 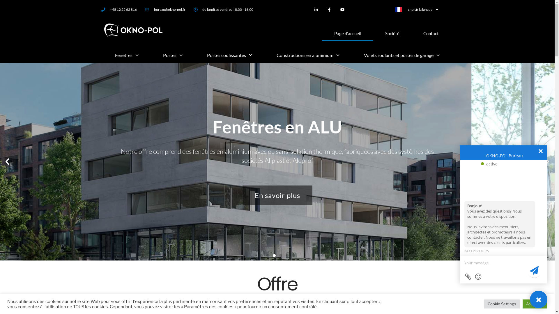 I want to click on 'Cookie Settings', so click(x=501, y=304).